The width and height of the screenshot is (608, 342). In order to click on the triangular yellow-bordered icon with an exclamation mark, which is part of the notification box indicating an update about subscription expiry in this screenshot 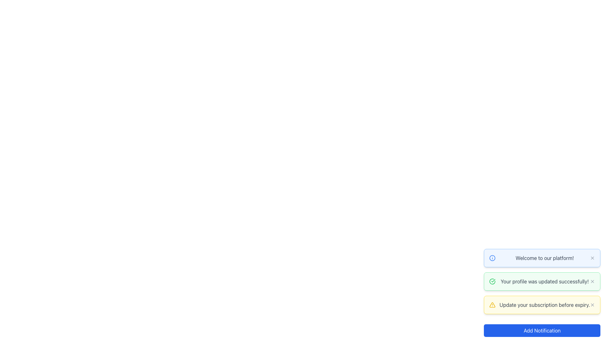, I will do `click(492, 305)`.